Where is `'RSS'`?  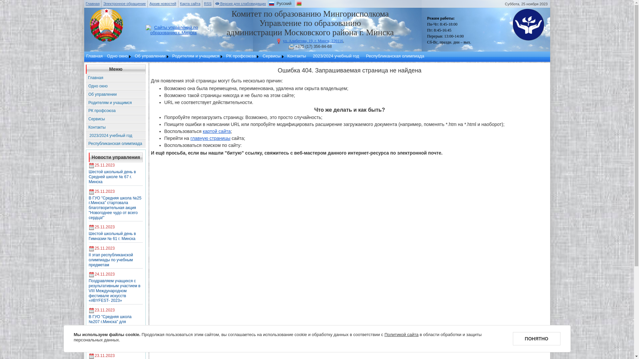
'RSS' is located at coordinates (207, 4).